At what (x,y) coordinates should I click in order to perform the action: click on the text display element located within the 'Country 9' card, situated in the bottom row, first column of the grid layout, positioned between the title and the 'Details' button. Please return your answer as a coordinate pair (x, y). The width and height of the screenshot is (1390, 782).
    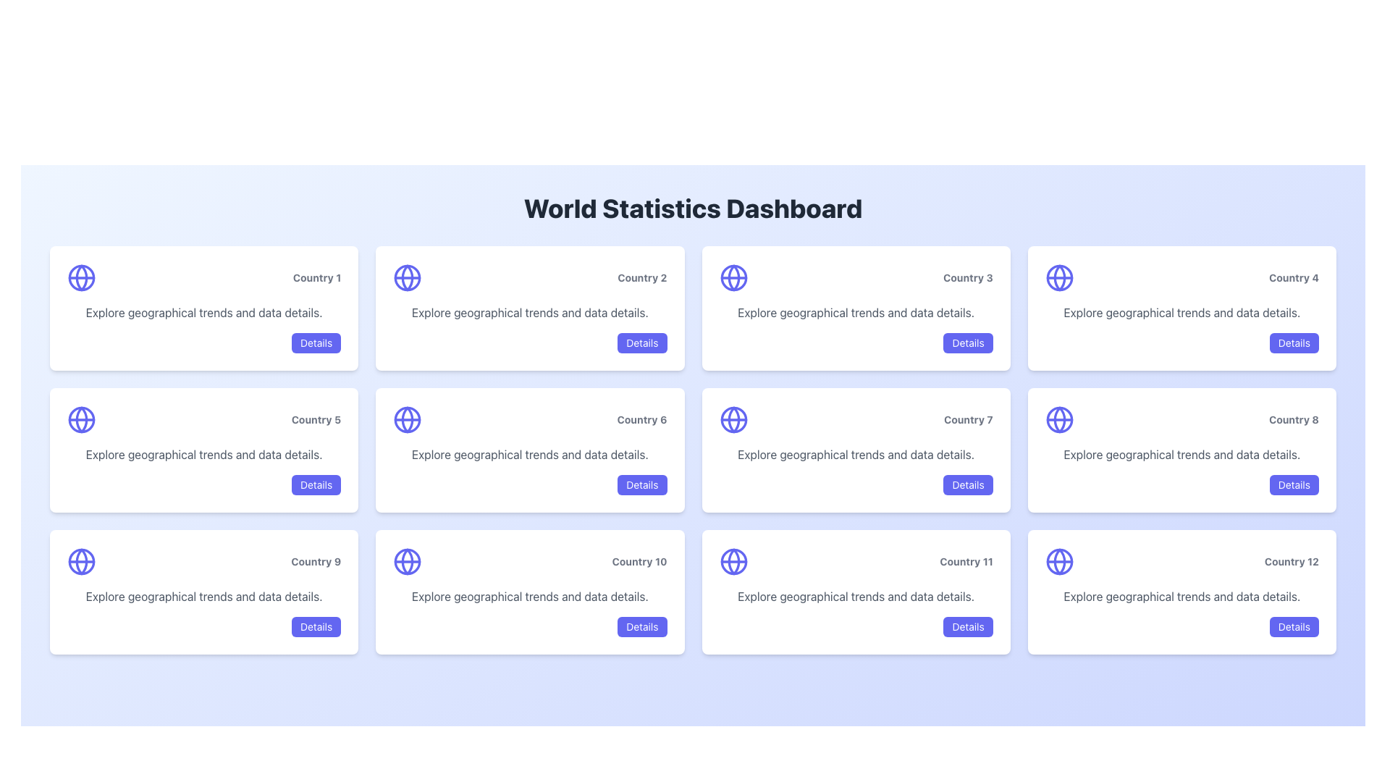
    Looking at the image, I should click on (203, 597).